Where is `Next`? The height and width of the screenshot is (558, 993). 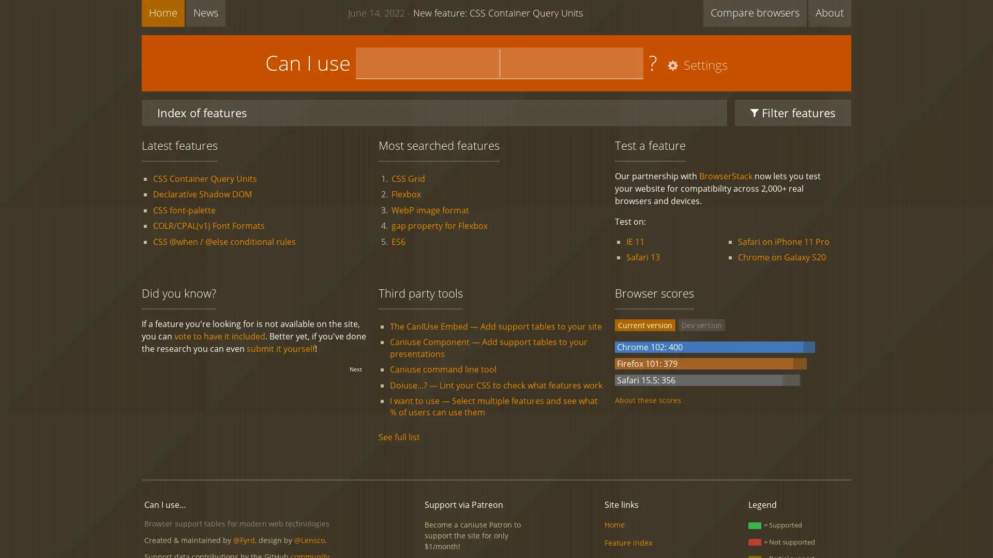
Next is located at coordinates (355, 368).